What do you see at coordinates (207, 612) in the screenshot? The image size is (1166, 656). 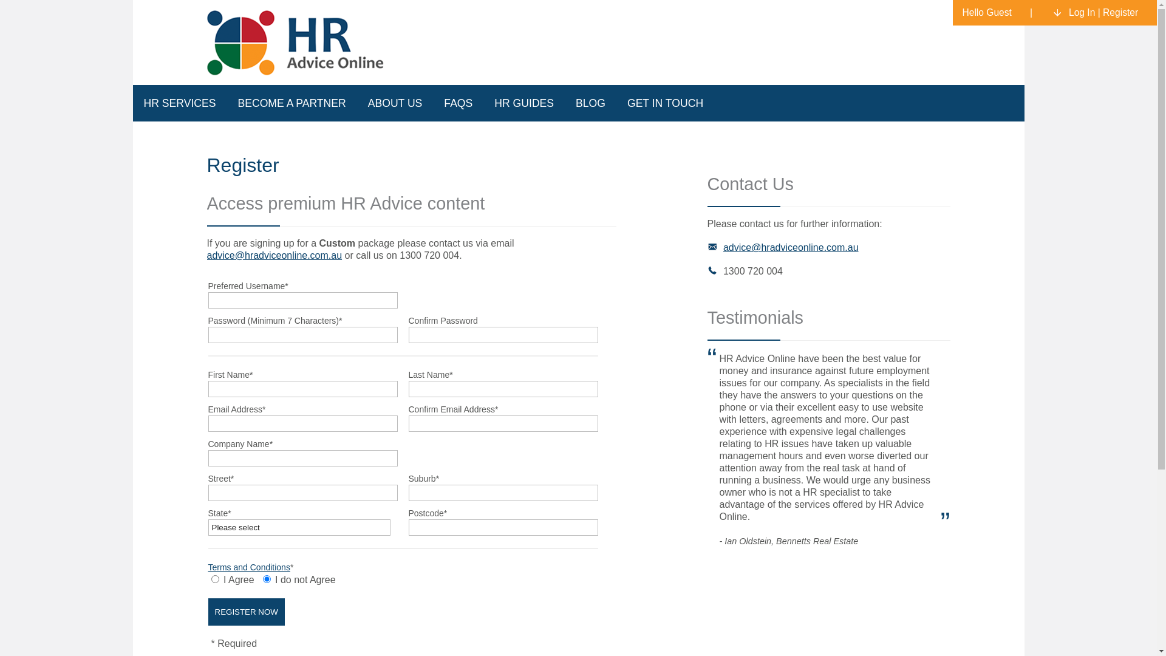 I see `'Register Now'` at bounding box center [207, 612].